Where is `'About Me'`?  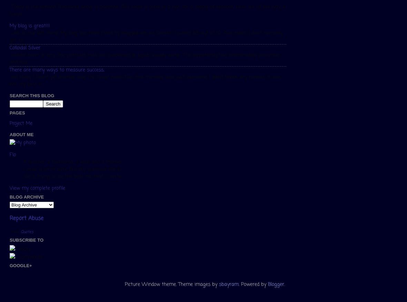
'About Me' is located at coordinates (21, 134).